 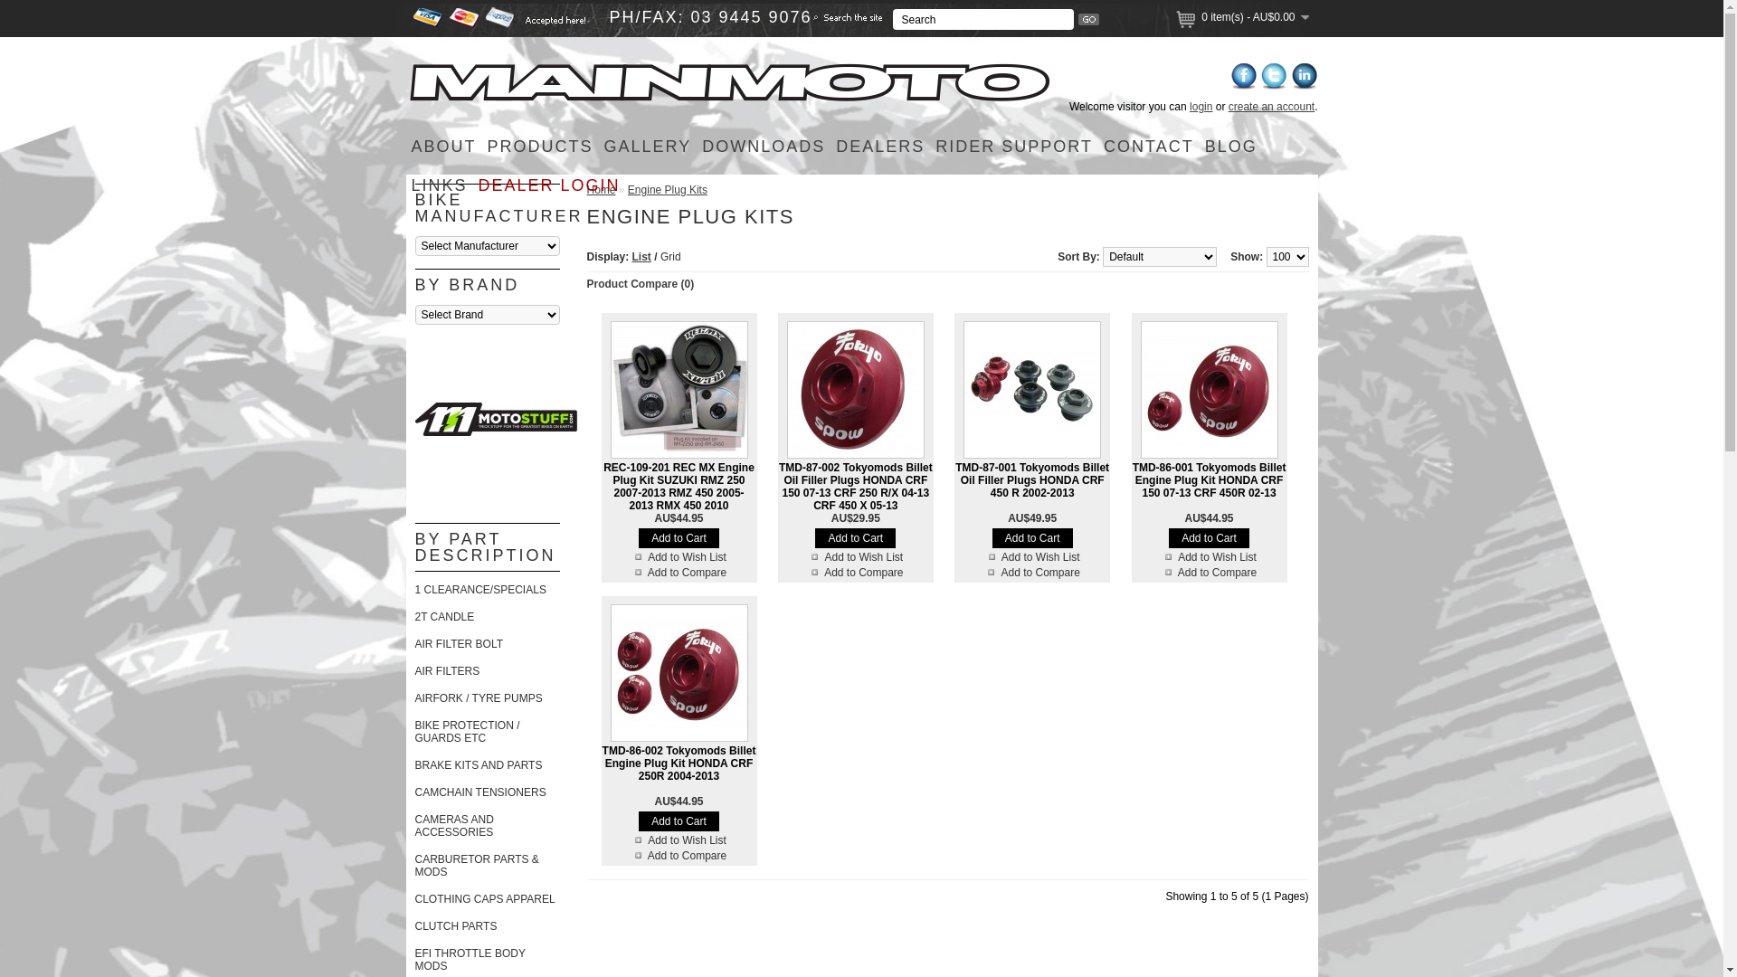 I want to click on '2T CANDLE', so click(x=443, y=616).